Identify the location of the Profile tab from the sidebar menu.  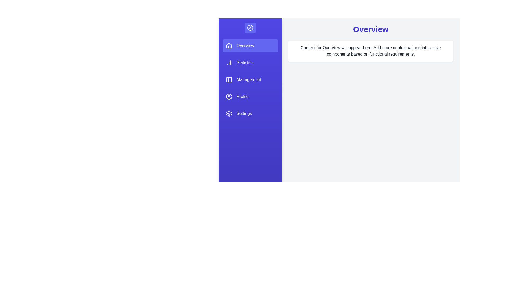
(250, 97).